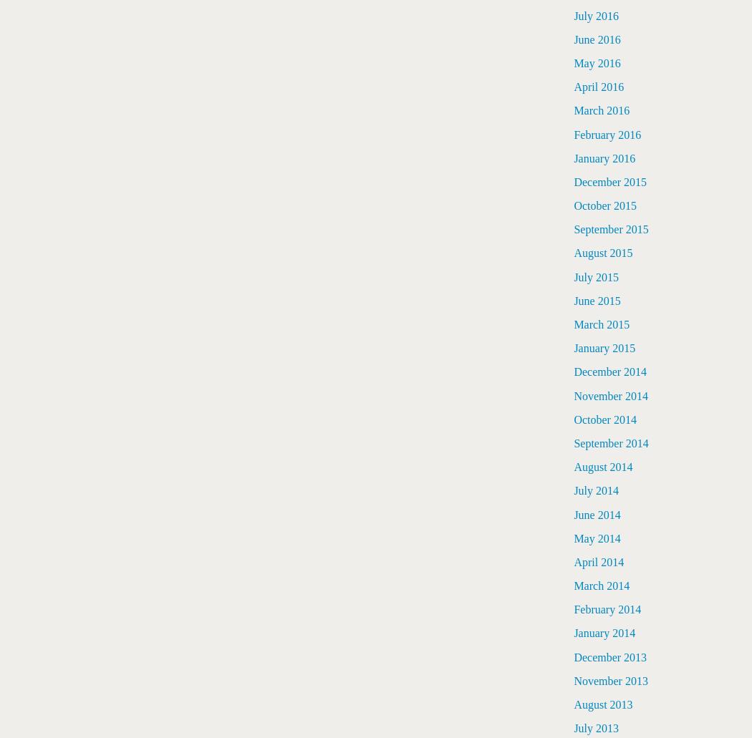 Image resolution: width=752 pixels, height=738 pixels. What do you see at coordinates (573, 371) in the screenshot?
I see `'December 2014'` at bounding box center [573, 371].